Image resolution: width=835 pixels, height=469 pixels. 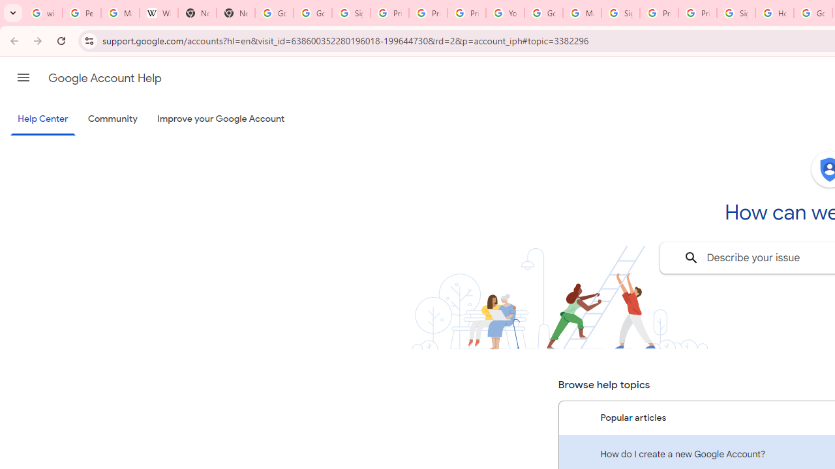 I want to click on 'Search', so click(x=690, y=258).